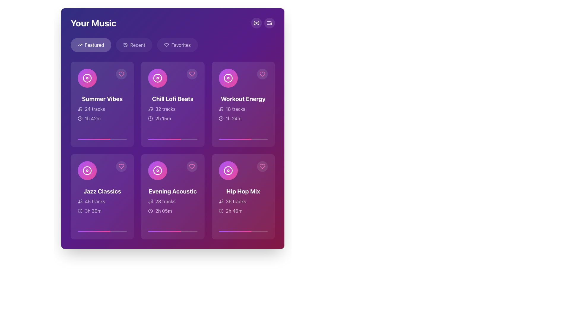  Describe the element at coordinates (102, 108) in the screenshot. I see `the Information card element displaying 'Summer Vibes' with the description '24 tracks' and duration '1h 42m', located in the top row of the 'Your Music' section` at that location.